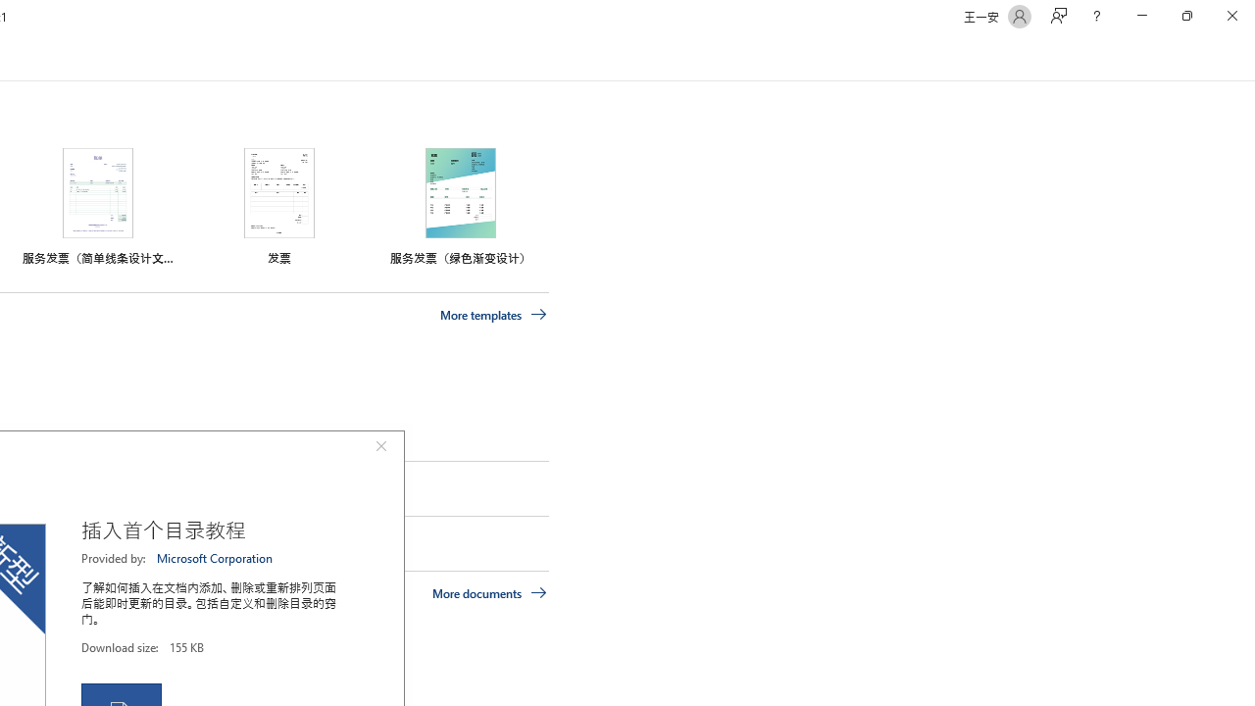 This screenshot has height=706, width=1255. I want to click on 'Help', so click(1095, 16).